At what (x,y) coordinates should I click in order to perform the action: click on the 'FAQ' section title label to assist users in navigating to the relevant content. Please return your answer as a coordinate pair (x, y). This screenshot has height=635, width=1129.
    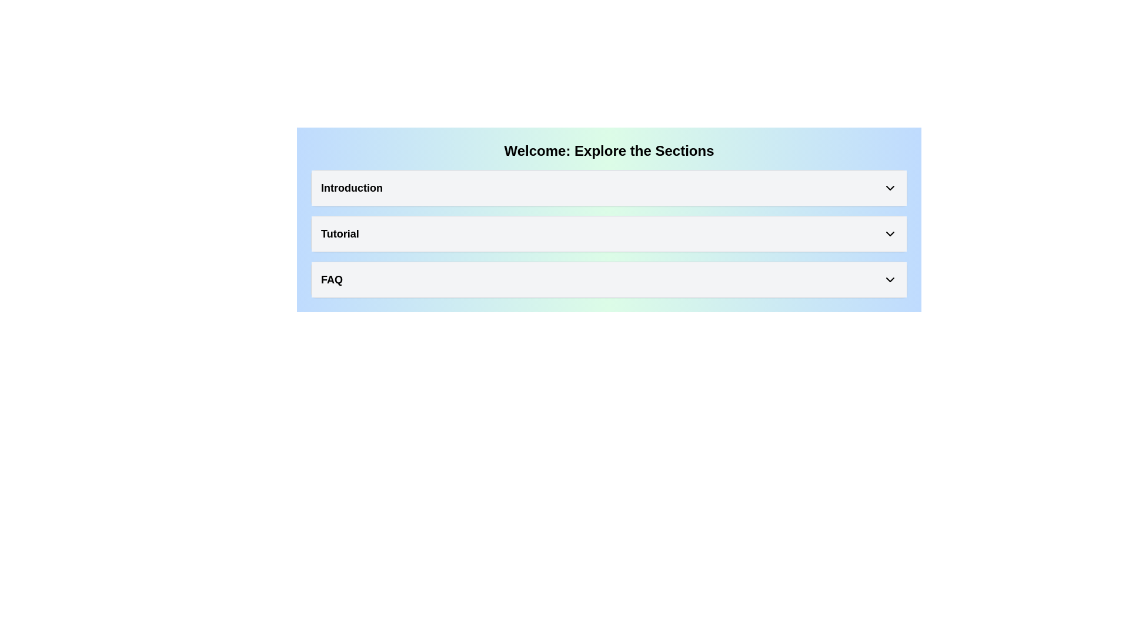
    Looking at the image, I should click on (331, 279).